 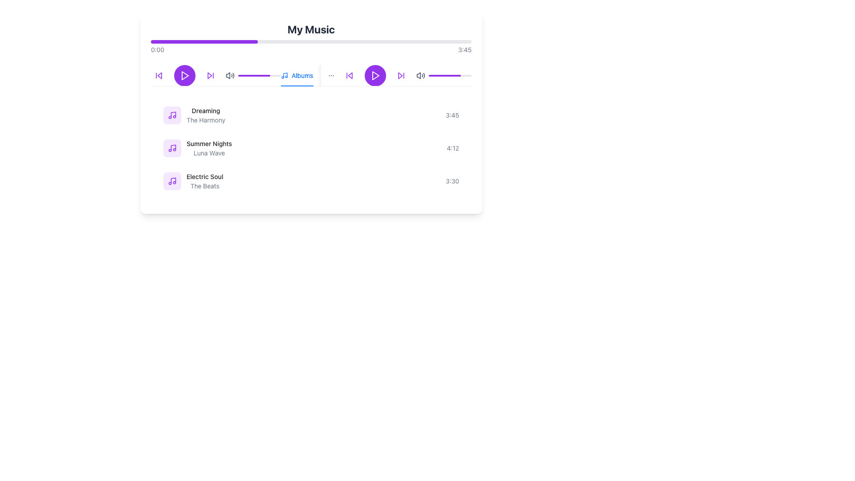 I want to click on the skip button located in the control bar, which allows the user to skip to the next track in the playlist, so click(x=210, y=75).